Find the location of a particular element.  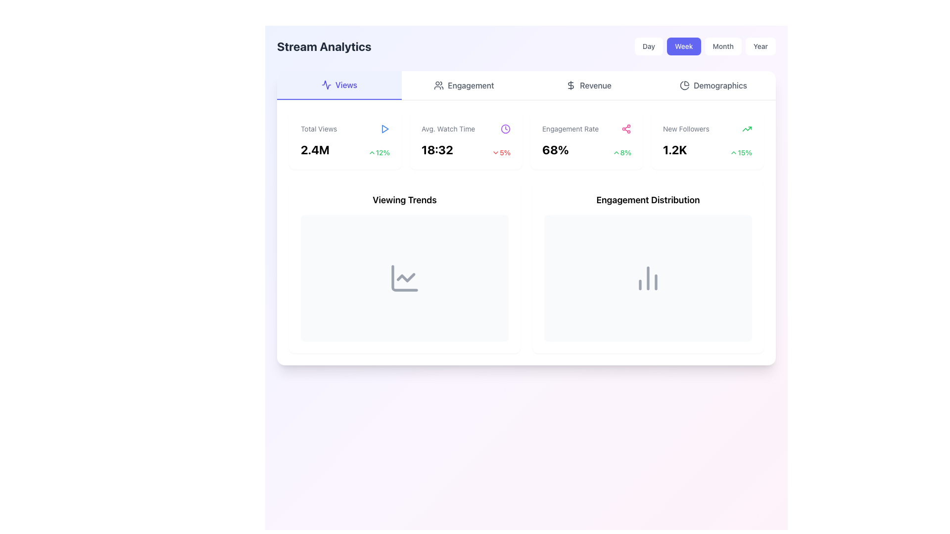

the static text label 'Stream Analytics', which is a large bold heading located in the top-left corner of the page is located at coordinates (324, 46).